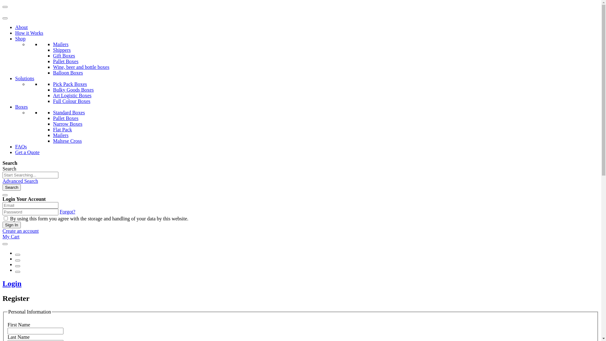 The height and width of the screenshot is (341, 606). What do you see at coordinates (69, 112) in the screenshot?
I see `'Standard Boxes'` at bounding box center [69, 112].